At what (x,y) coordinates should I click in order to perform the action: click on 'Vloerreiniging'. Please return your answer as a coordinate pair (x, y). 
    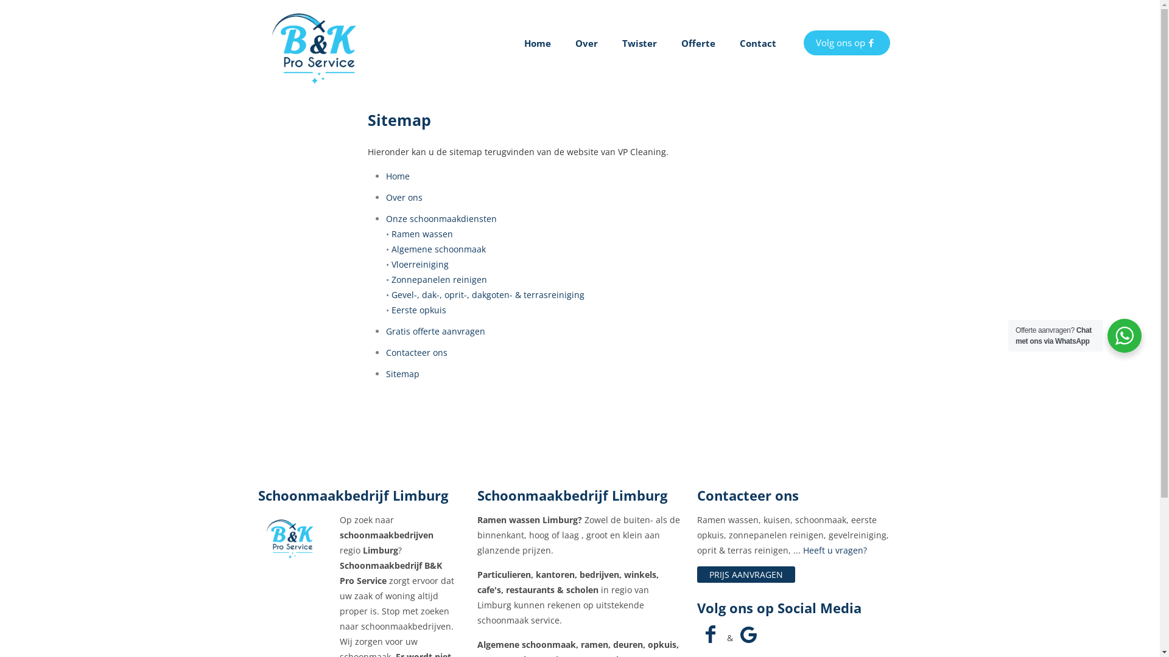
    Looking at the image, I should click on (420, 263).